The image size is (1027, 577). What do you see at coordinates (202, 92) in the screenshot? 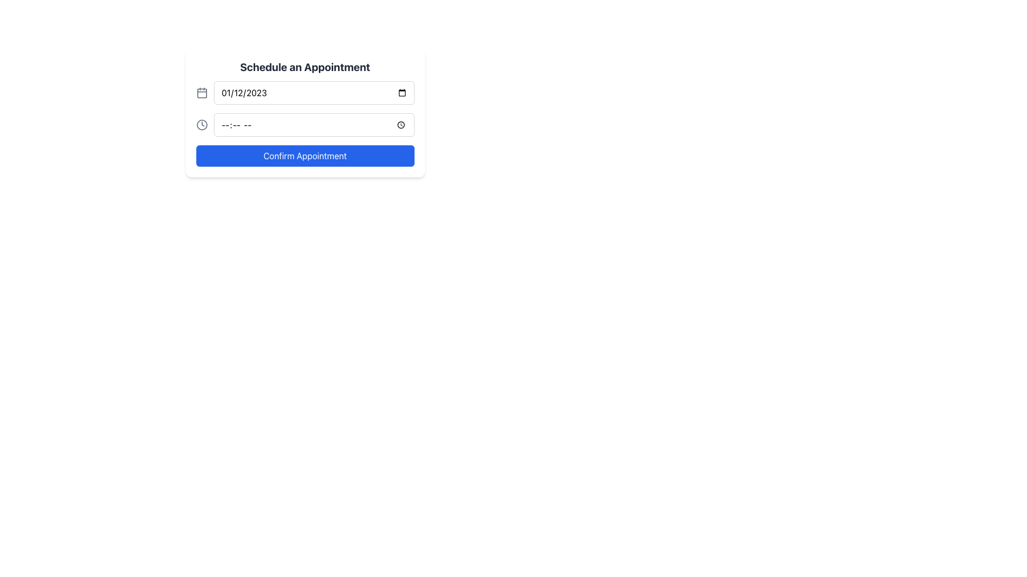
I see `the calendar icon, which is a gray outlined rounded square with two vertical lines at the top, located to the left of the date input field` at bounding box center [202, 92].